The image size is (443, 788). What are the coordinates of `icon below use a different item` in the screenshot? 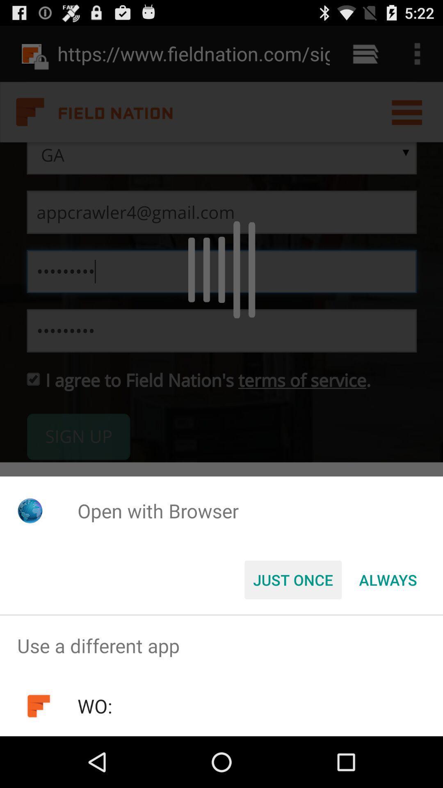 It's located at (94, 706).